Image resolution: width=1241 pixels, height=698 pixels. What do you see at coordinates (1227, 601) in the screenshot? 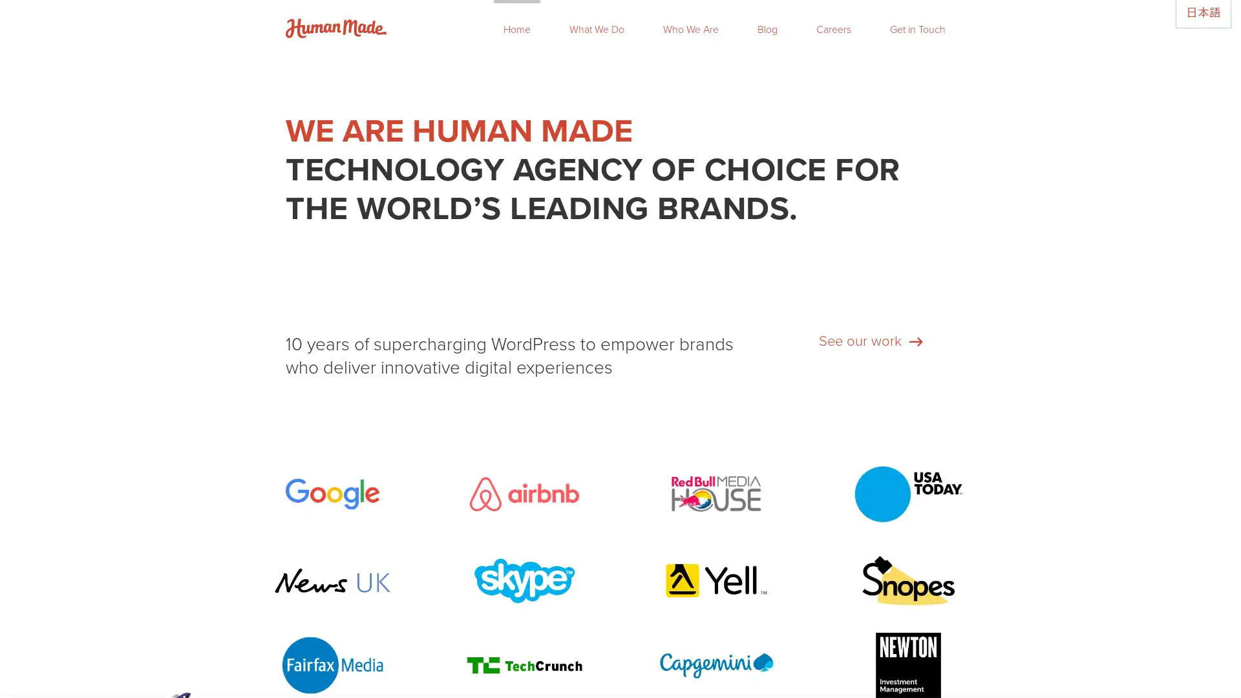
I see `Close` at bounding box center [1227, 601].